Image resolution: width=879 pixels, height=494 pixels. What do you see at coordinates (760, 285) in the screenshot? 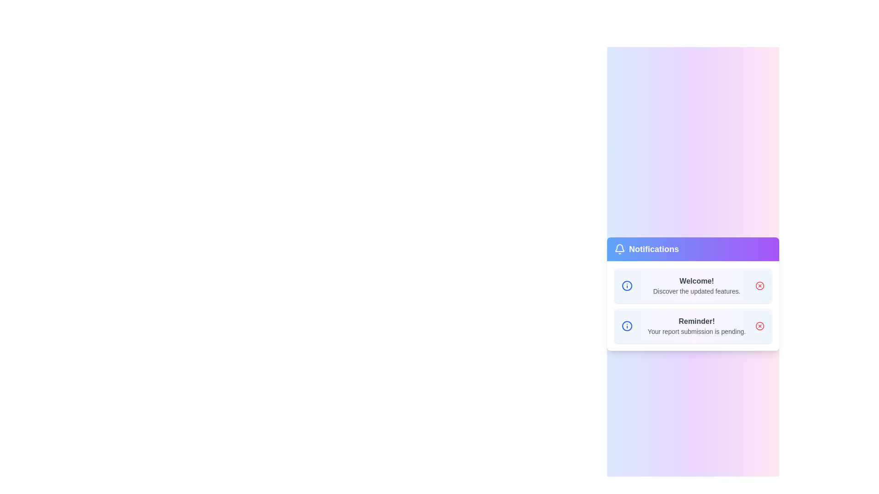
I see `the circular button with a red border and white interior that contains a red 'X' symbol, located in the top-right corner of the first notification card in the notification panel` at bounding box center [760, 285].